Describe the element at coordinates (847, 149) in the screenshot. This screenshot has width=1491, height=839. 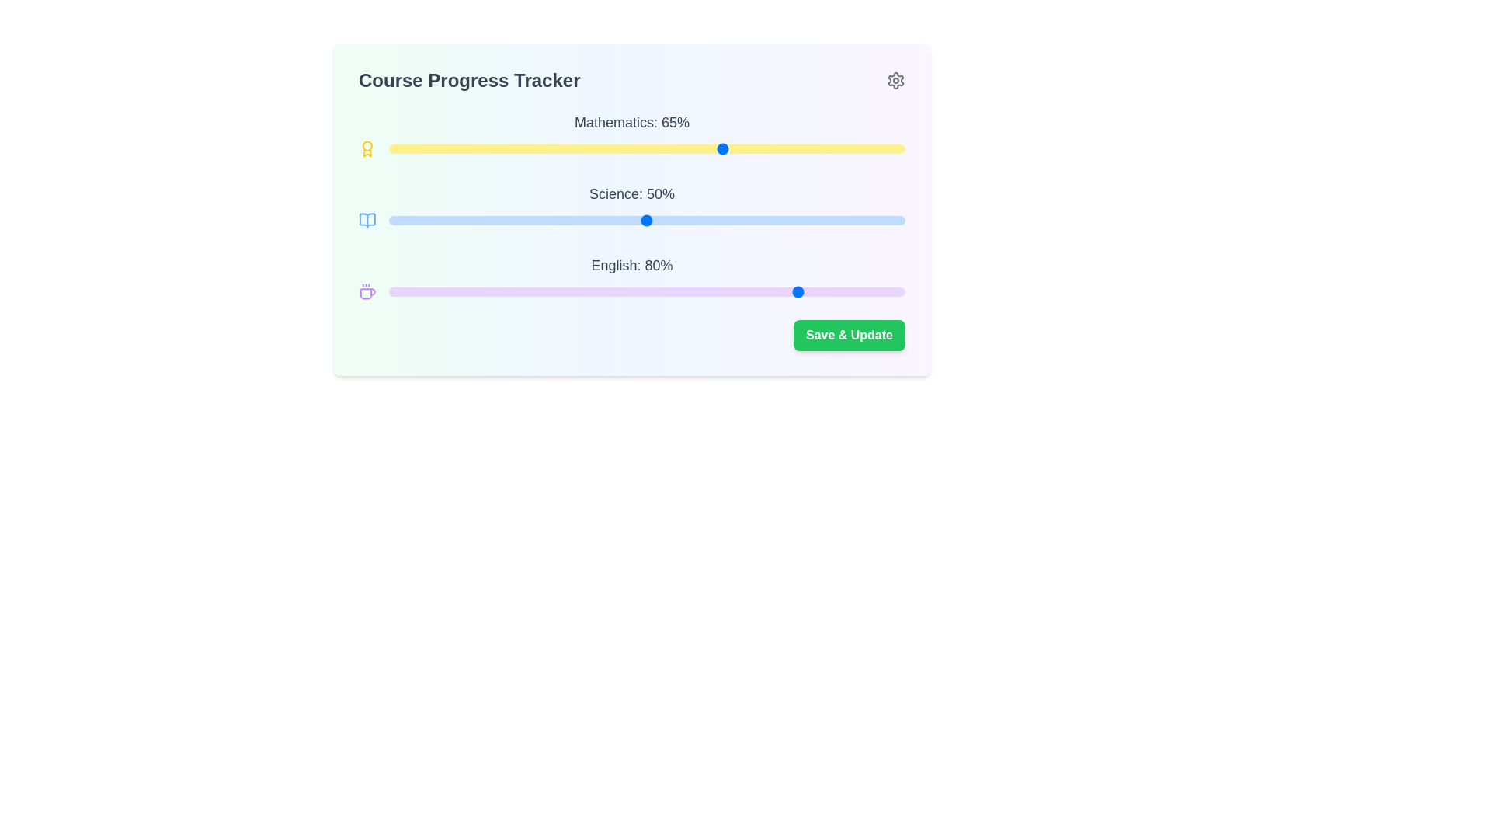
I see `the mathematics progress slider` at that location.